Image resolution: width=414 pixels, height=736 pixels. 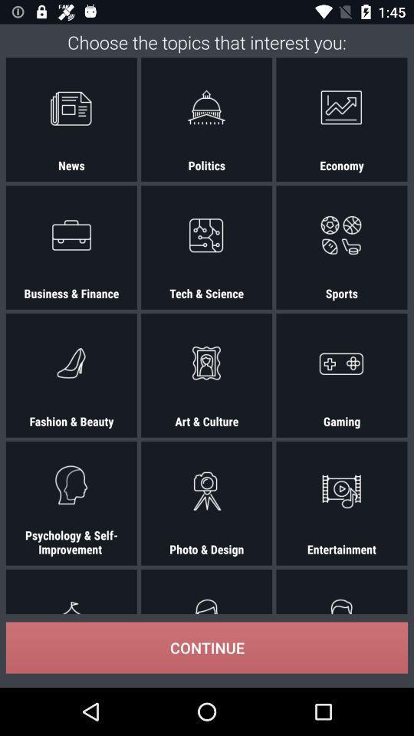 I want to click on the continue, so click(x=207, y=647).